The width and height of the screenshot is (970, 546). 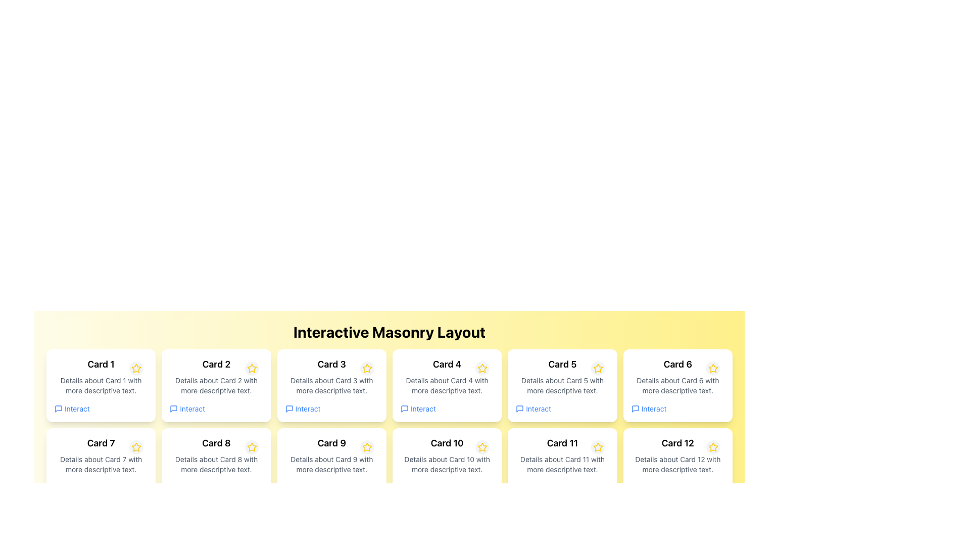 What do you see at coordinates (482, 447) in the screenshot?
I see `the star-shaped icon located in the top-right corner of 'Card 10' in the second row, second column of the grid layout` at bounding box center [482, 447].